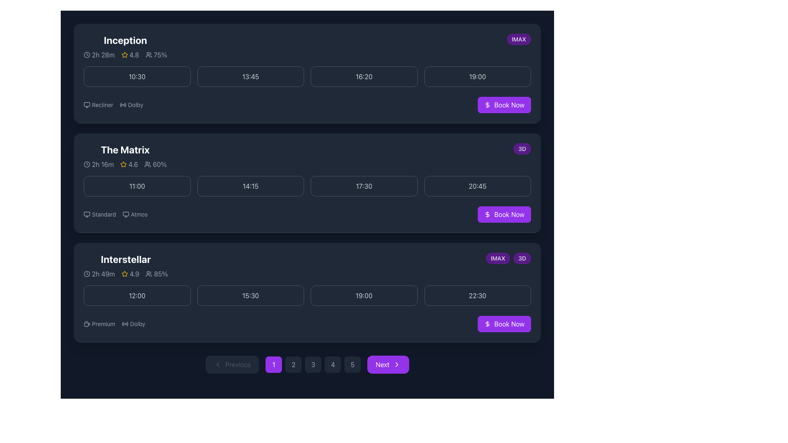 Image resolution: width=788 pixels, height=443 pixels. What do you see at coordinates (518, 39) in the screenshot?
I see `the text label with the word 'IMAX' styled with a purple background and white text, located in the top-right corner of the 'Inception' movie card, above the 'Book Now' button` at bounding box center [518, 39].